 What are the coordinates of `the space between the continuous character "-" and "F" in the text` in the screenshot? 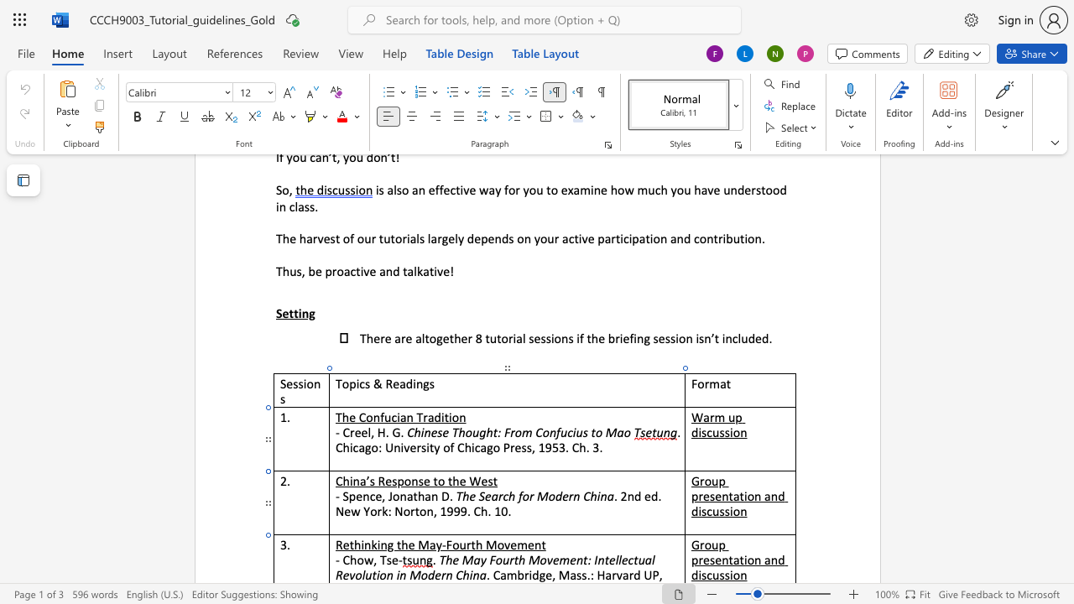 It's located at (446, 544).